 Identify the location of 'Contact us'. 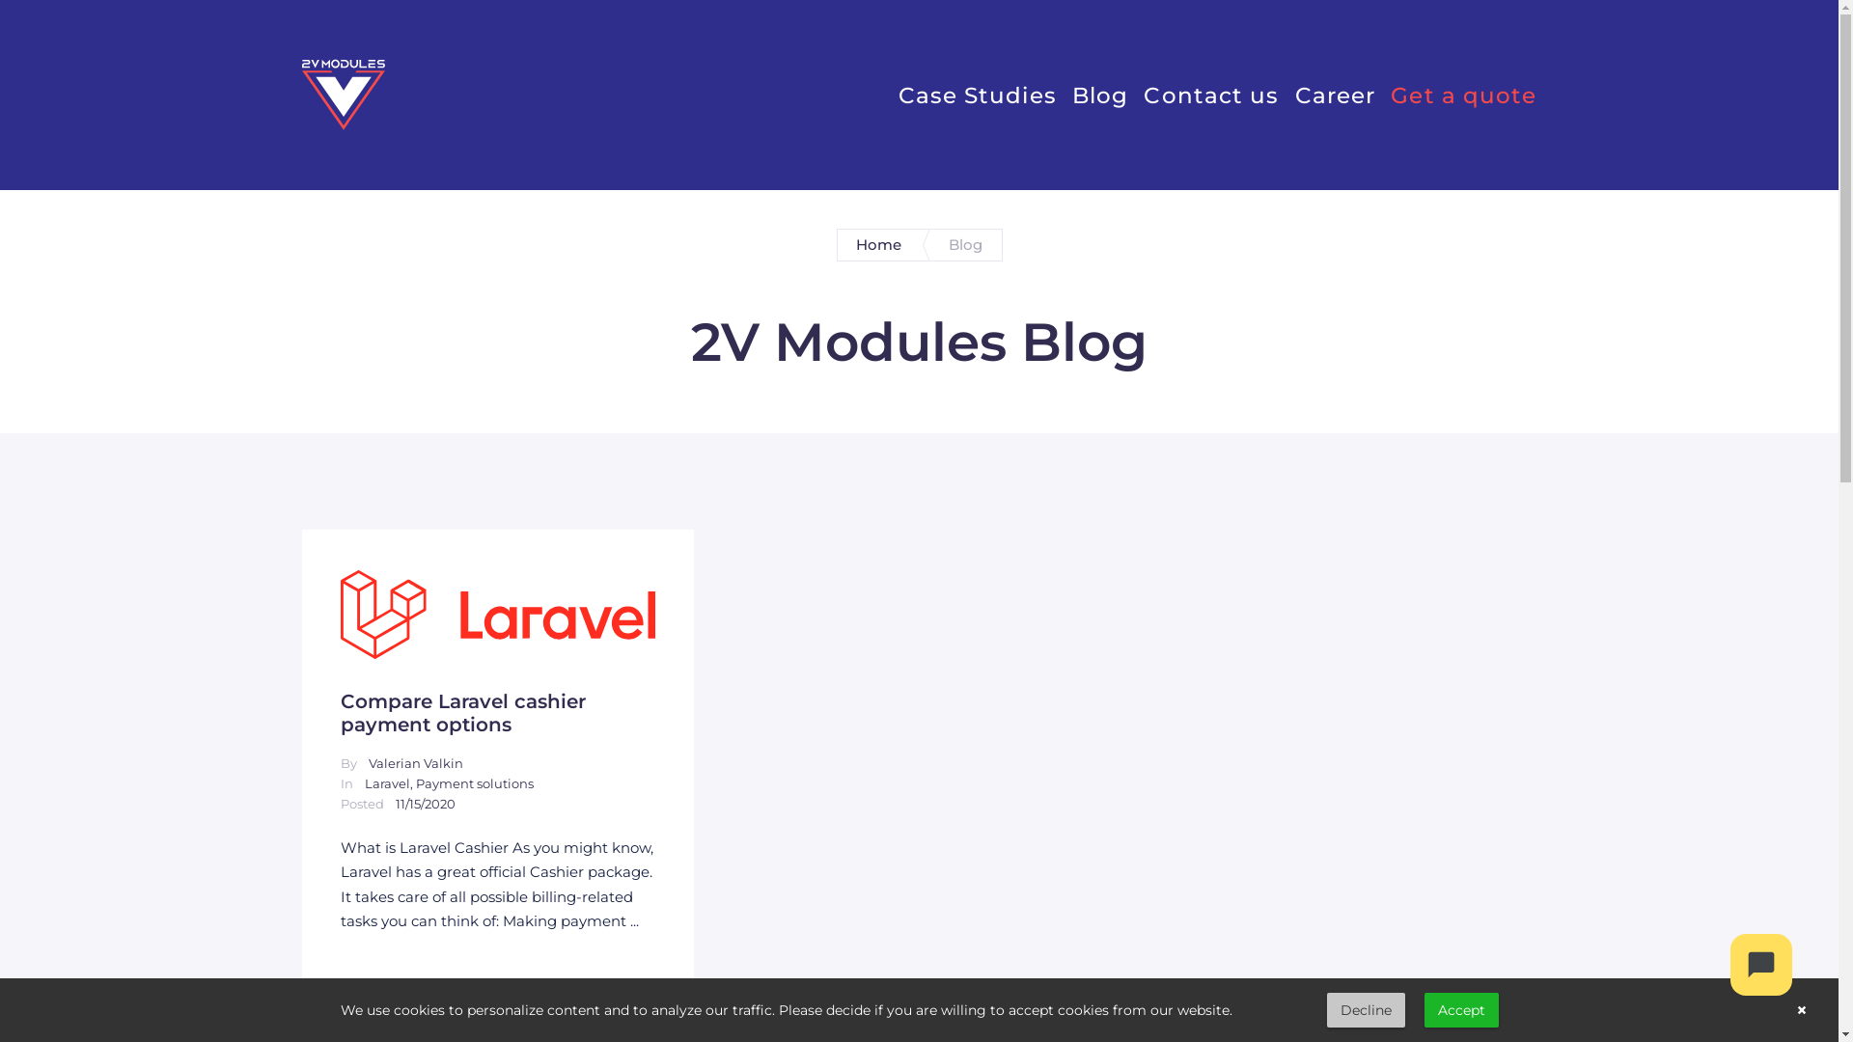
(1144, 94).